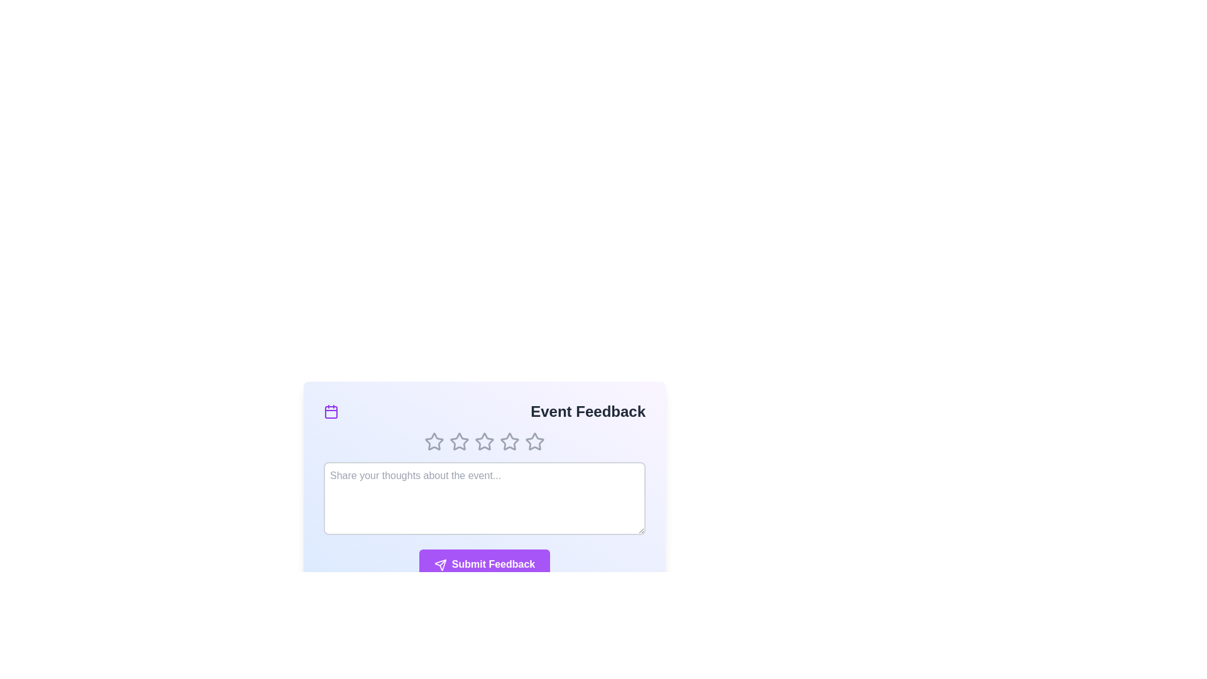 The height and width of the screenshot is (679, 1207). Describe the element at coordinates (510, 441) in the screenshot. I see `the fourth star in the 5-star rating system` at that location.